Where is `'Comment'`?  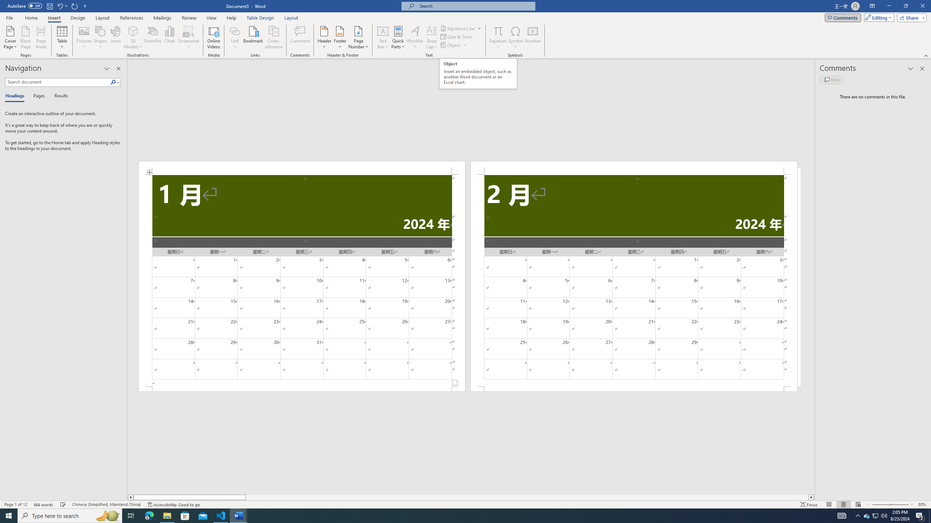 'Comment' is located at coordinates (300, 37).